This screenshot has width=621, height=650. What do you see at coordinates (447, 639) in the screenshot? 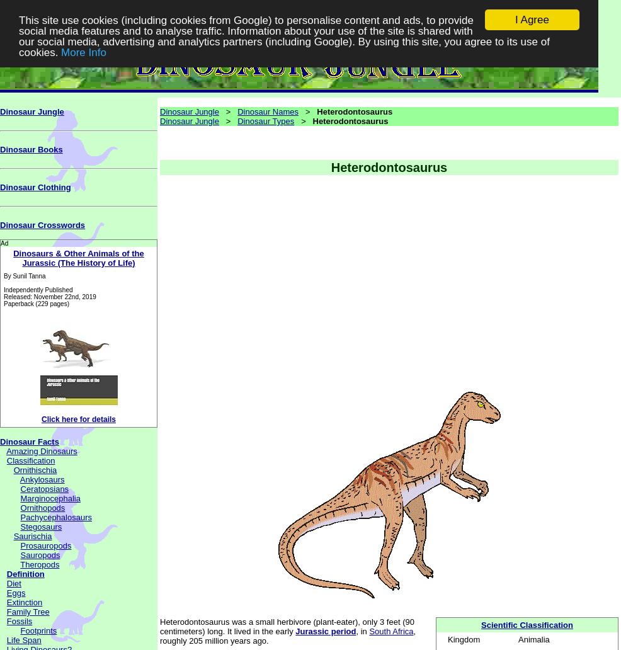
I see `'Kingdom'` at bounding box center [447, 639].